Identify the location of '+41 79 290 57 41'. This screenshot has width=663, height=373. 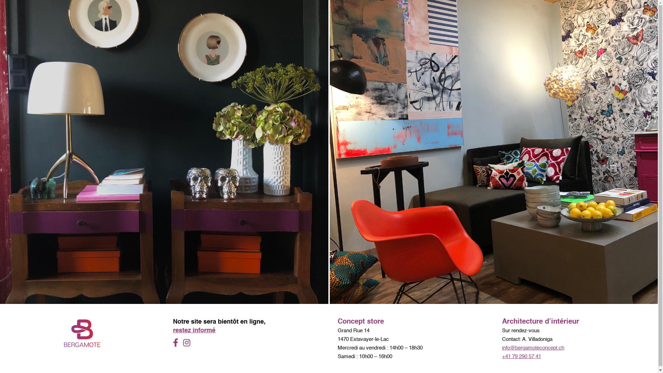
(521, 356).